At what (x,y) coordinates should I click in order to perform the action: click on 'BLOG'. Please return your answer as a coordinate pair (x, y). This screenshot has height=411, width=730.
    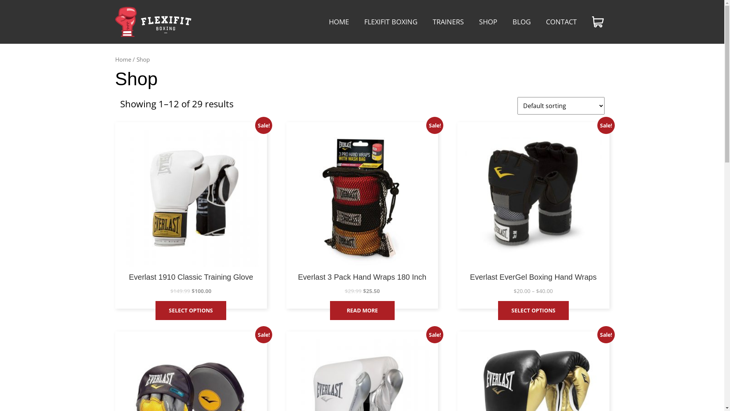
    Looking at the image, I should click on (521, 21).